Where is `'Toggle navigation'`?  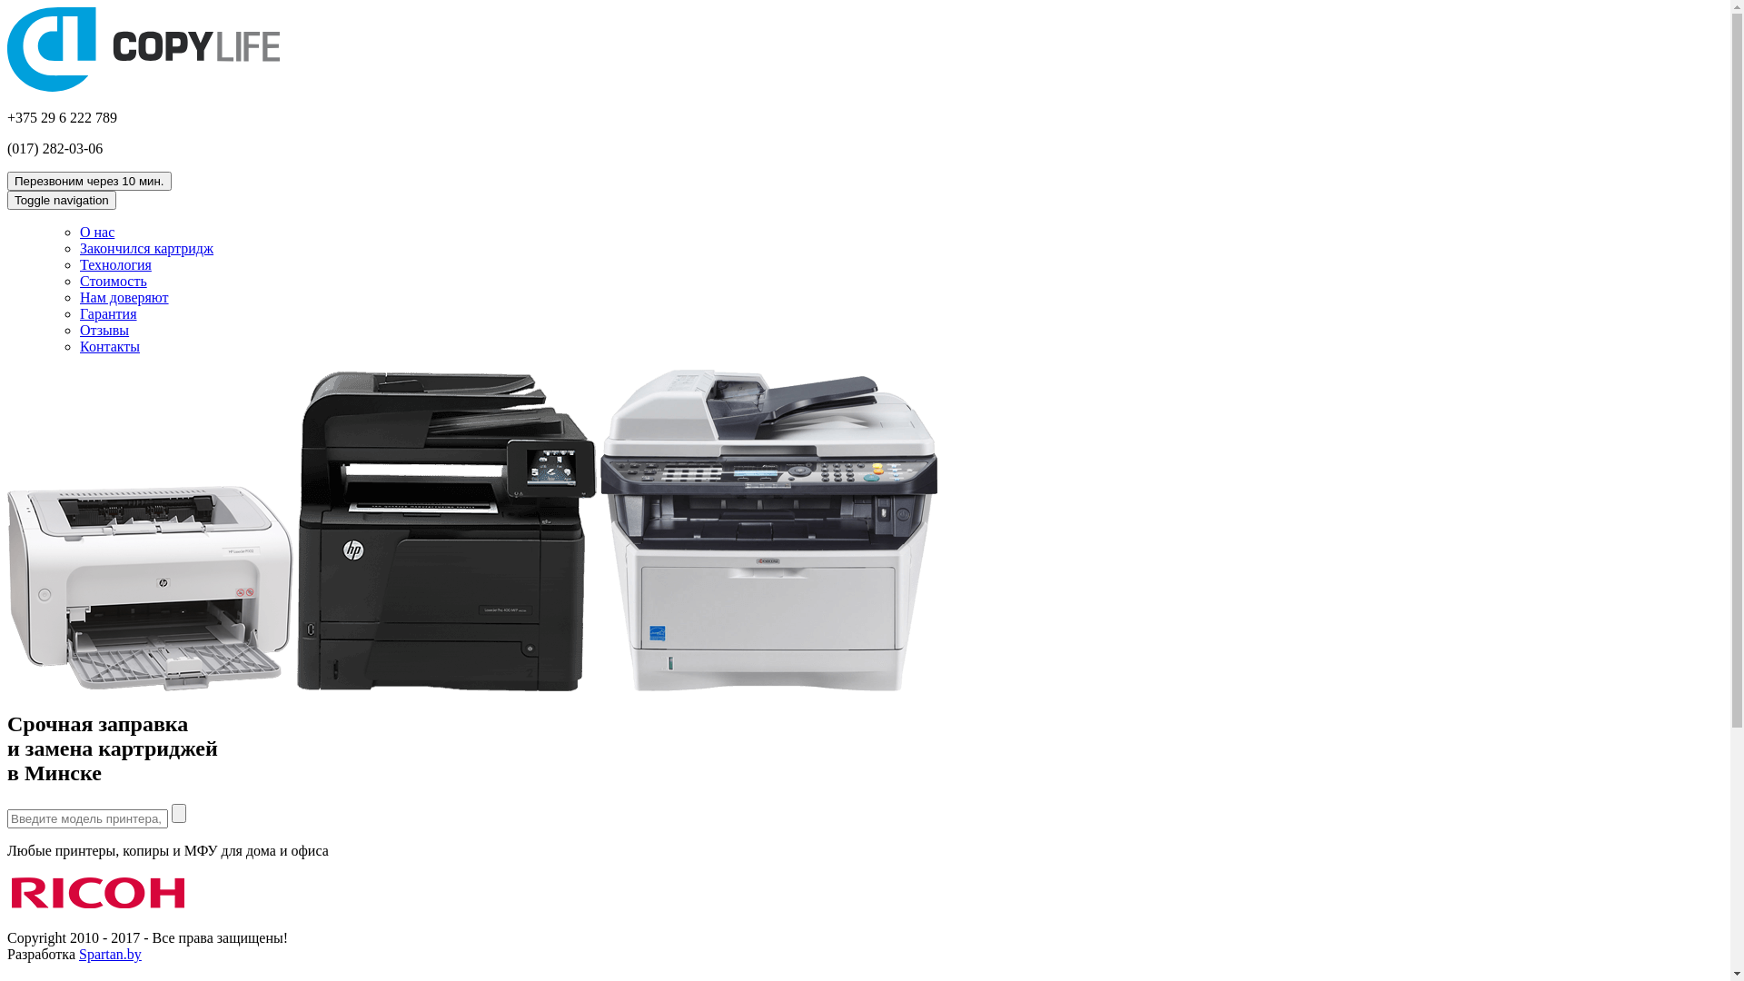 'Toggle navigation' is located at coordinates (61, 200).